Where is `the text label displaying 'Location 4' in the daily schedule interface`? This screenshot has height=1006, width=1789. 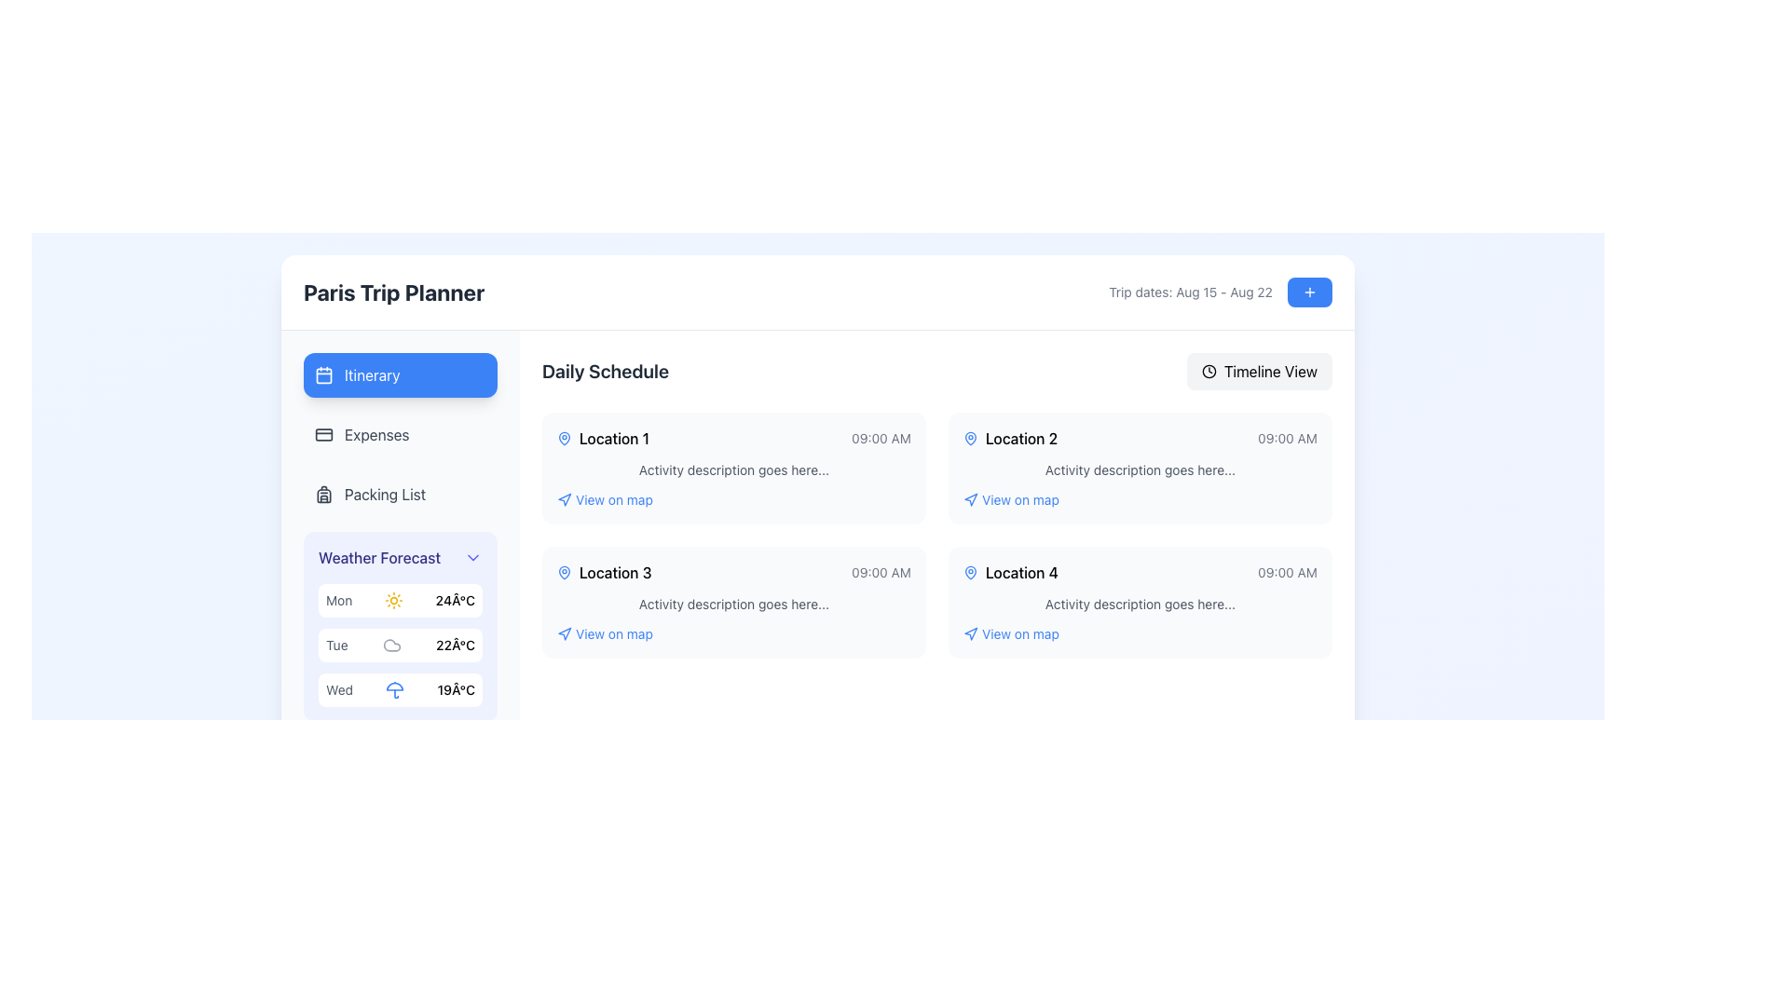 the text label displaying 'Location 4' in the daily schedule interface is located at coordinates (1020, 571).